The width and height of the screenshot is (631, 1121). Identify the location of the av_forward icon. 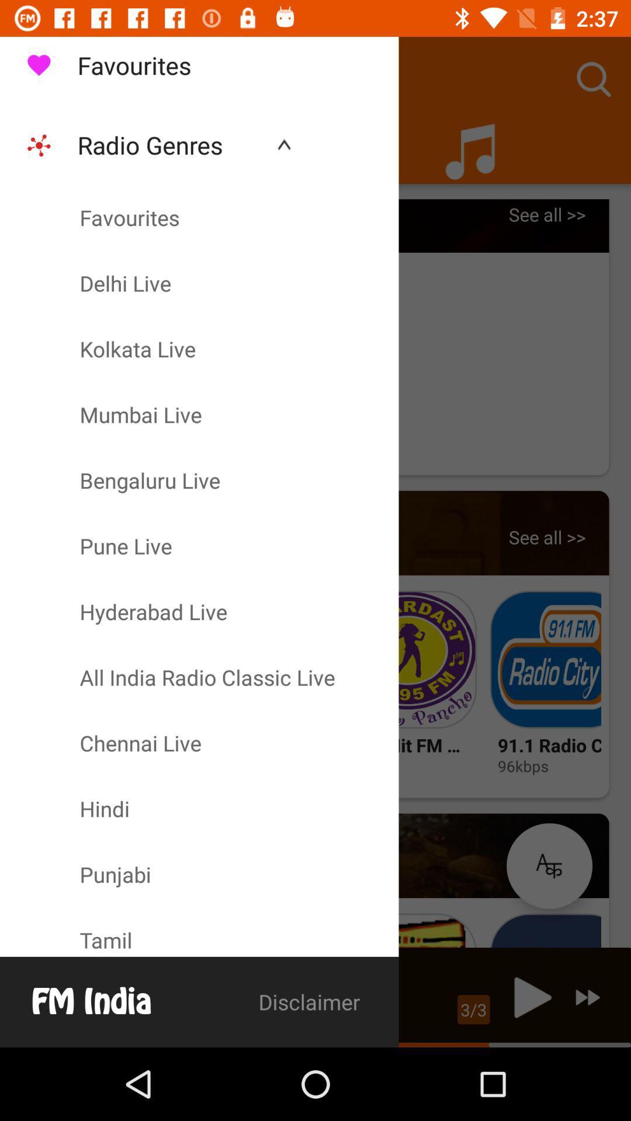
(588, 997).